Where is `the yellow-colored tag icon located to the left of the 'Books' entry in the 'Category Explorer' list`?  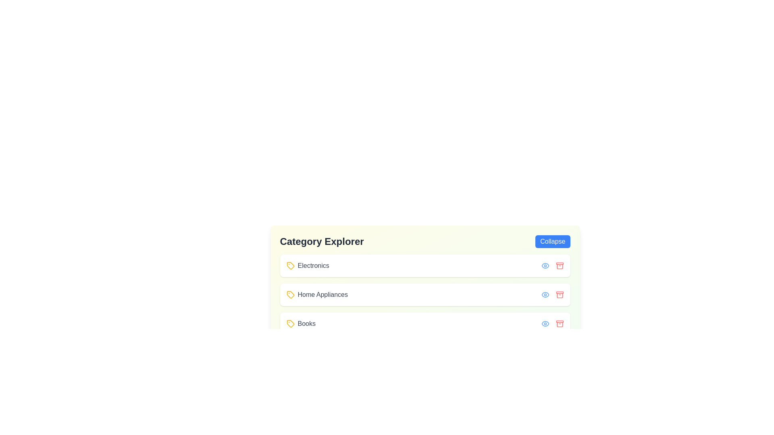
the yellow-colored tag icon located to the left of the 'Books' entry in the 'Category Explorer' list is located at coordinates (290, 323).